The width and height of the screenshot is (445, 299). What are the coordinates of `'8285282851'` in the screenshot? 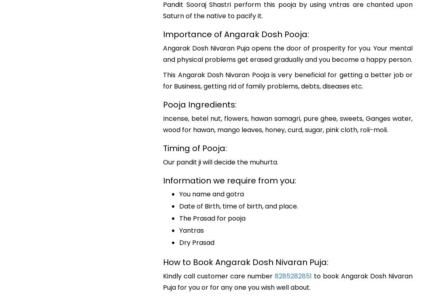 It's located at (293, 276).